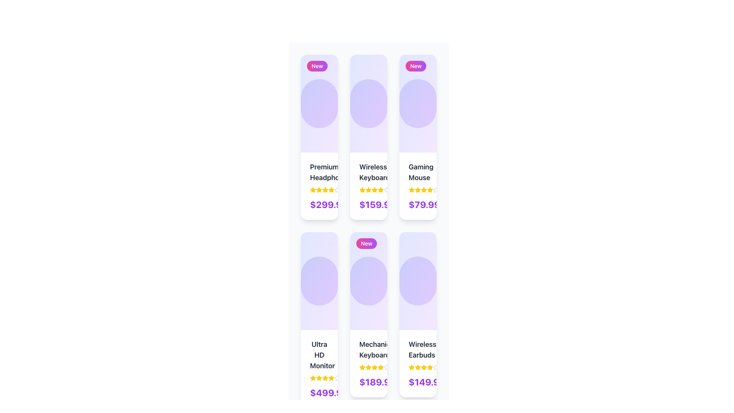  Describe the element at coordinates (319, 172) in the screenshot. I see `the static text label 'Premium Headphones' which is bold and centered at the top of the first product card` at that location.